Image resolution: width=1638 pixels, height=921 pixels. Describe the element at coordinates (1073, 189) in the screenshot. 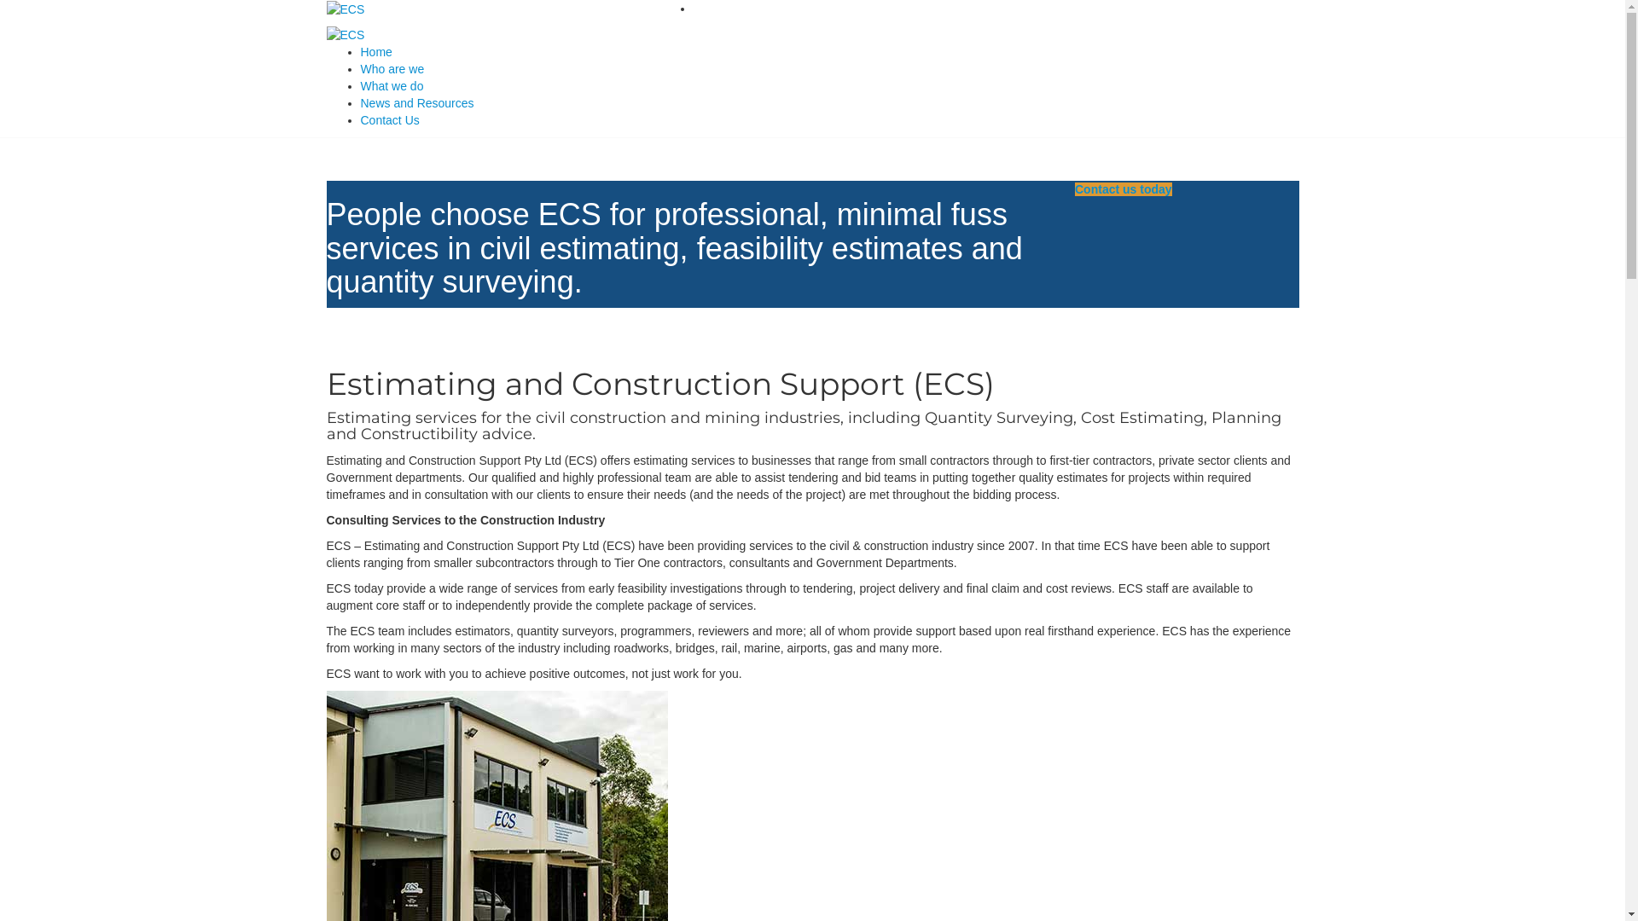

I see `'Contact us today'` at that location.